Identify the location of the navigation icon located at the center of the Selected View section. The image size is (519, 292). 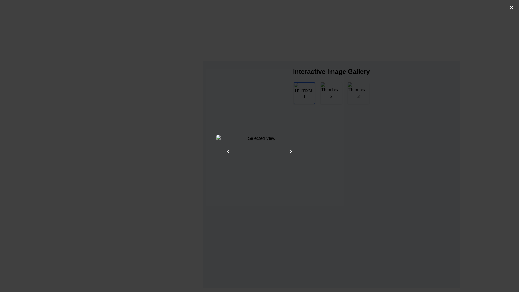
(290, 151).